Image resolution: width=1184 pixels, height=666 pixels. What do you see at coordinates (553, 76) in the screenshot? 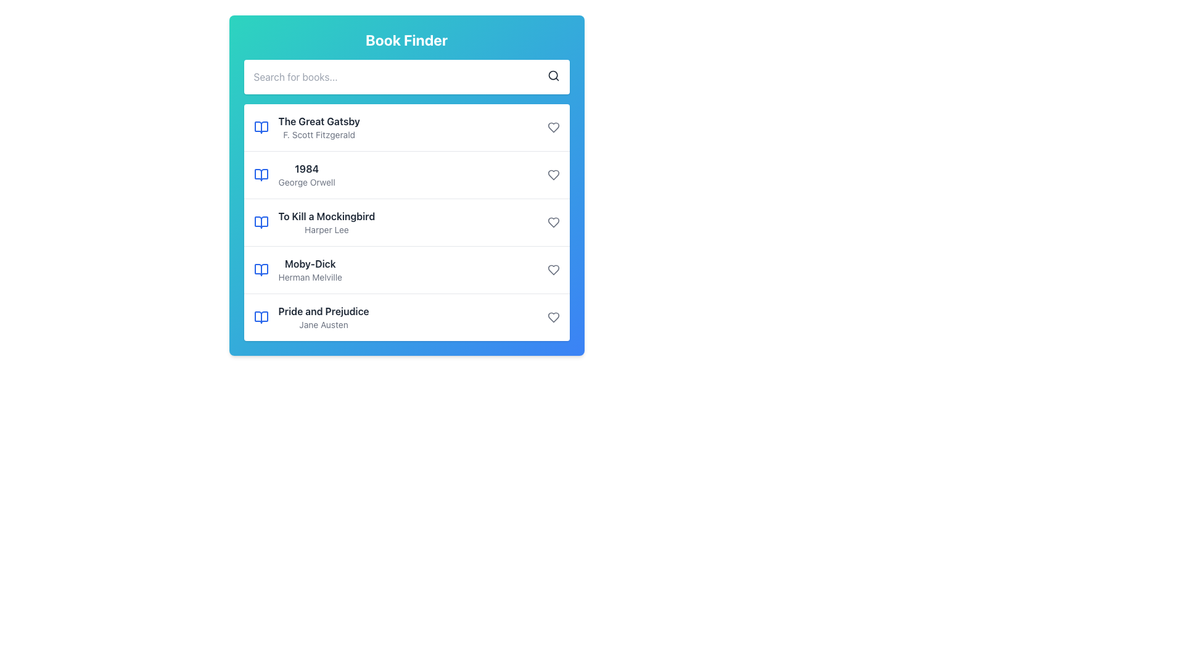
I see `the search button located at the top-right corner of the rounded text input box` at bounding box center [553, 76].